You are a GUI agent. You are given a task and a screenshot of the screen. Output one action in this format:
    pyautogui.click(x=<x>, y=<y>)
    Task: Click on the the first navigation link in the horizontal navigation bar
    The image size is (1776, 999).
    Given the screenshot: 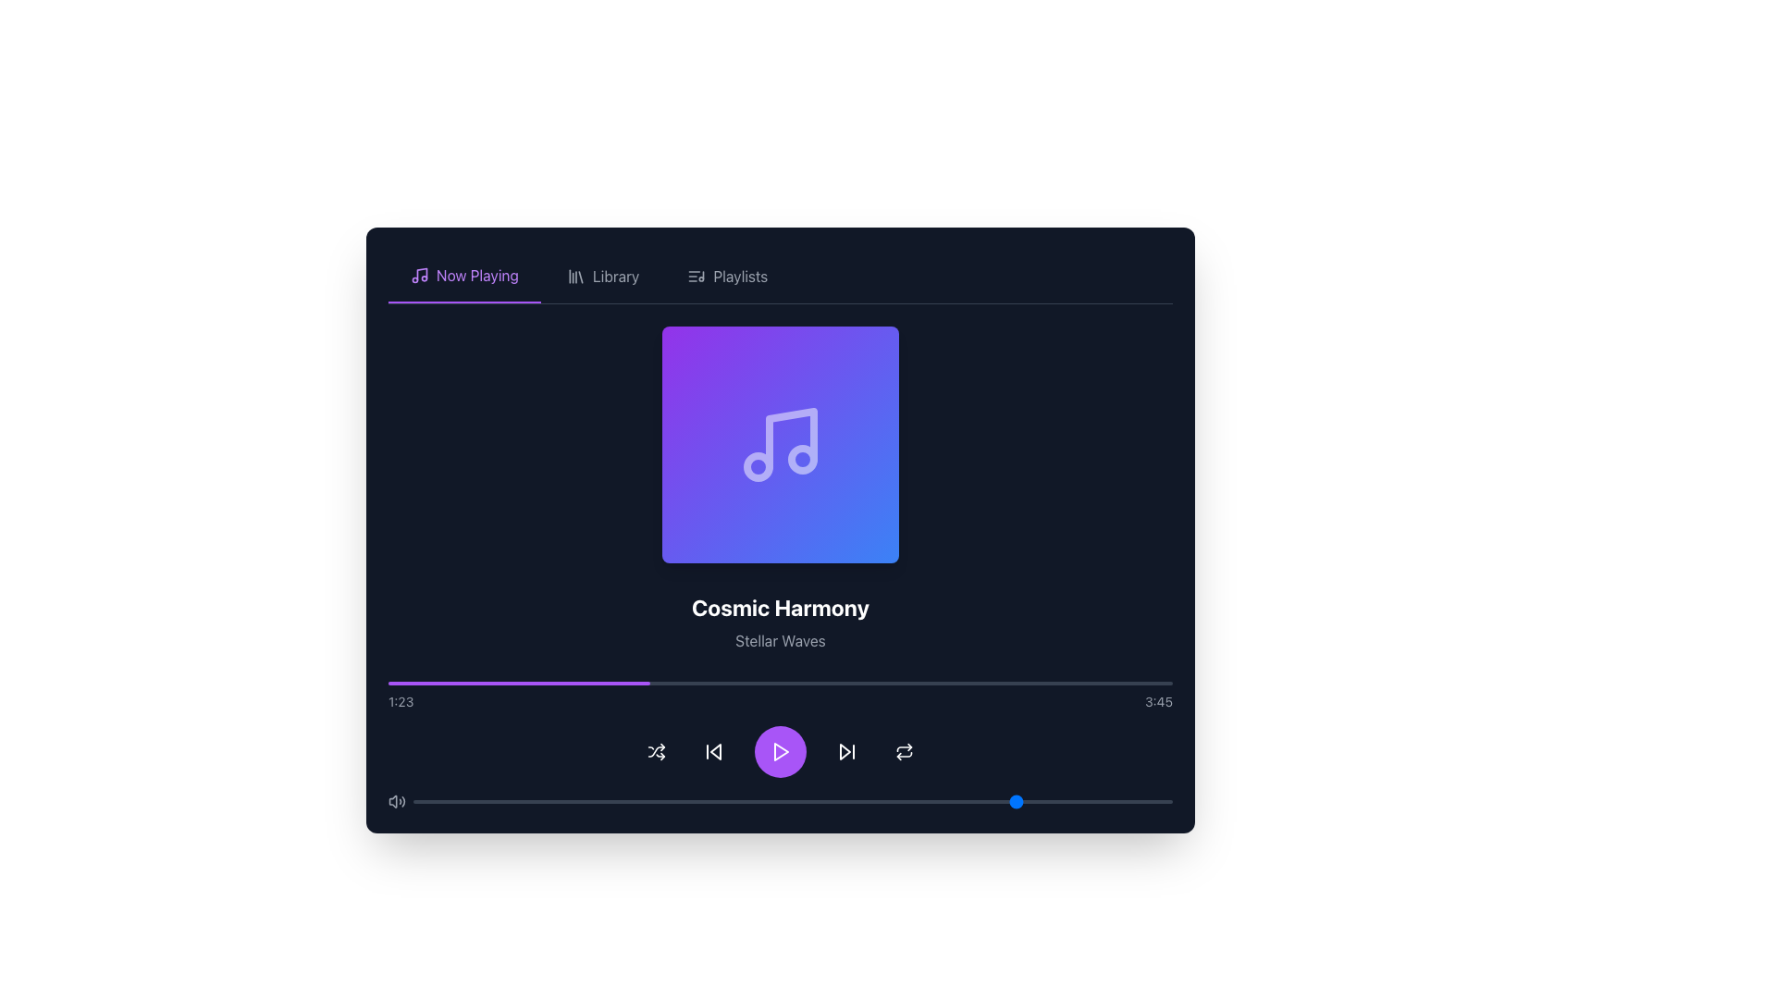 What is the action you would take?
    pyautogui.click(x=464, y=277)
    